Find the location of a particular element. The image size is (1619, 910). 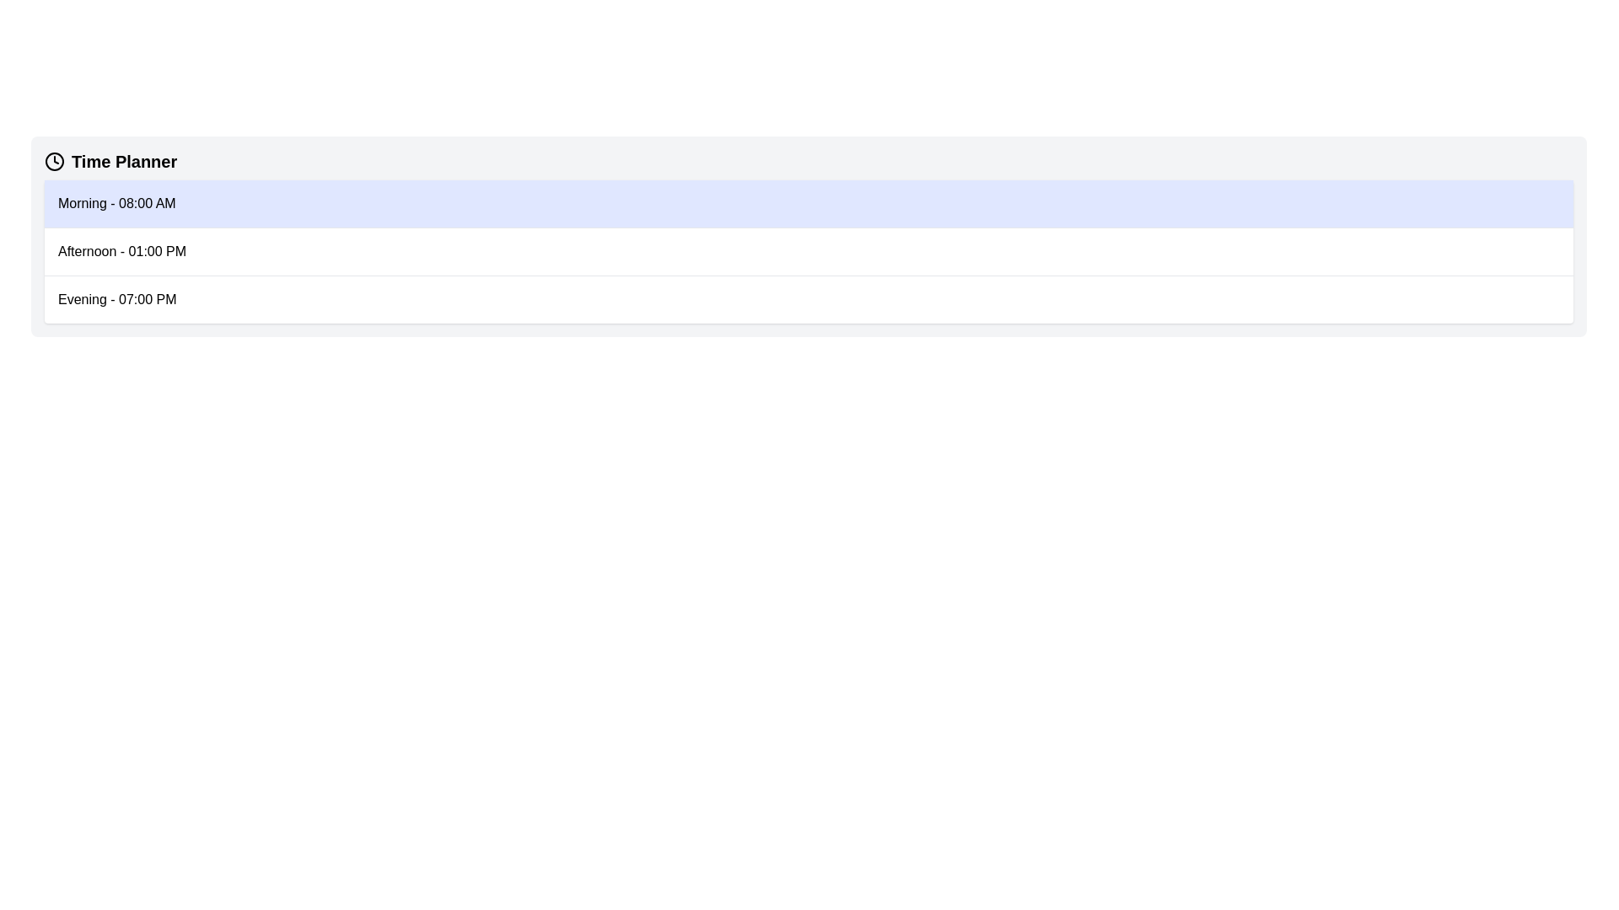

the SVG Circle representing the clock face is located at coordinates (55, 162).